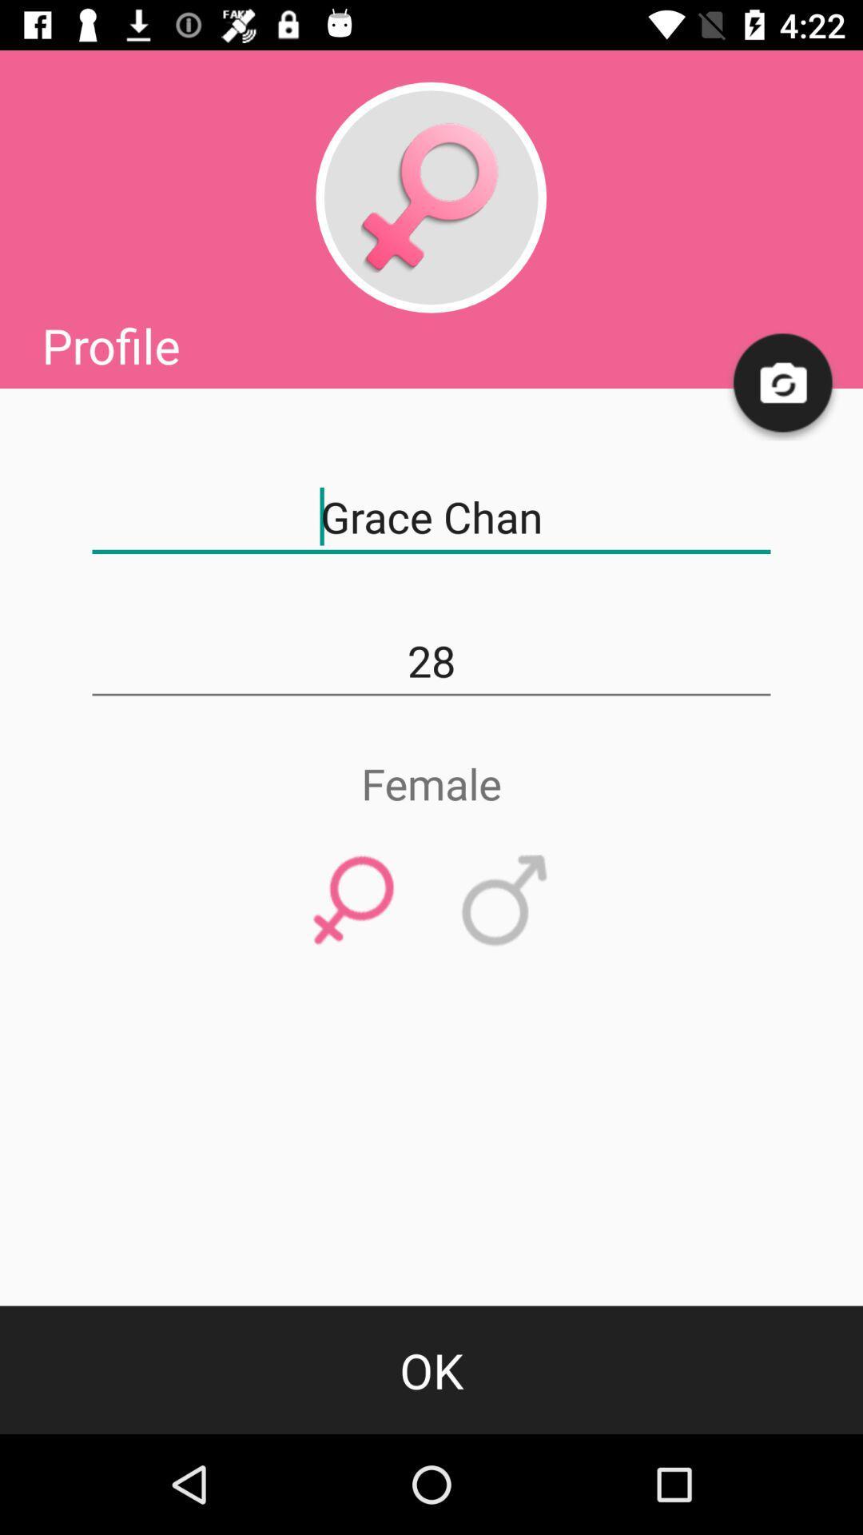 The height and width of the screenshot is (1535, 863). Describe the element at coordinates (430, 197) in the screenshot. I see `to edit the profile picture` at that location.